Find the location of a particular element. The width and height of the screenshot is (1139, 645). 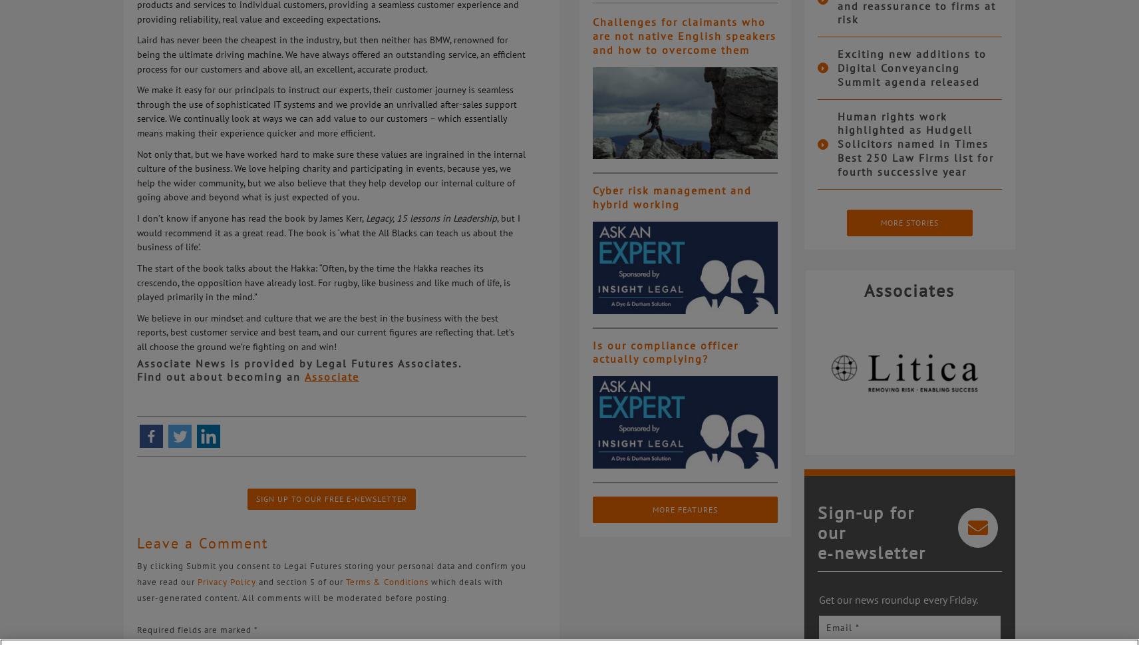

'Not only that, but we have worked hard to make sure these values are ingrained in the internal culture of the business. We love helping charity and participating in events, because yes, we help the wider community, but we also believe that they help develop our internal culture of going above and beyond what is just expected of you.' is located at coordinates (136, 174).